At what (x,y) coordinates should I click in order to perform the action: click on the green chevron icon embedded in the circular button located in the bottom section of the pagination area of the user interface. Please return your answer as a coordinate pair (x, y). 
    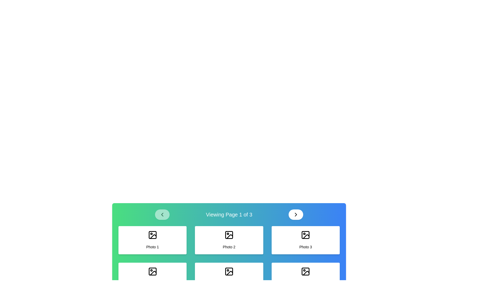
    Looking at the image, I should click on (162, 214).